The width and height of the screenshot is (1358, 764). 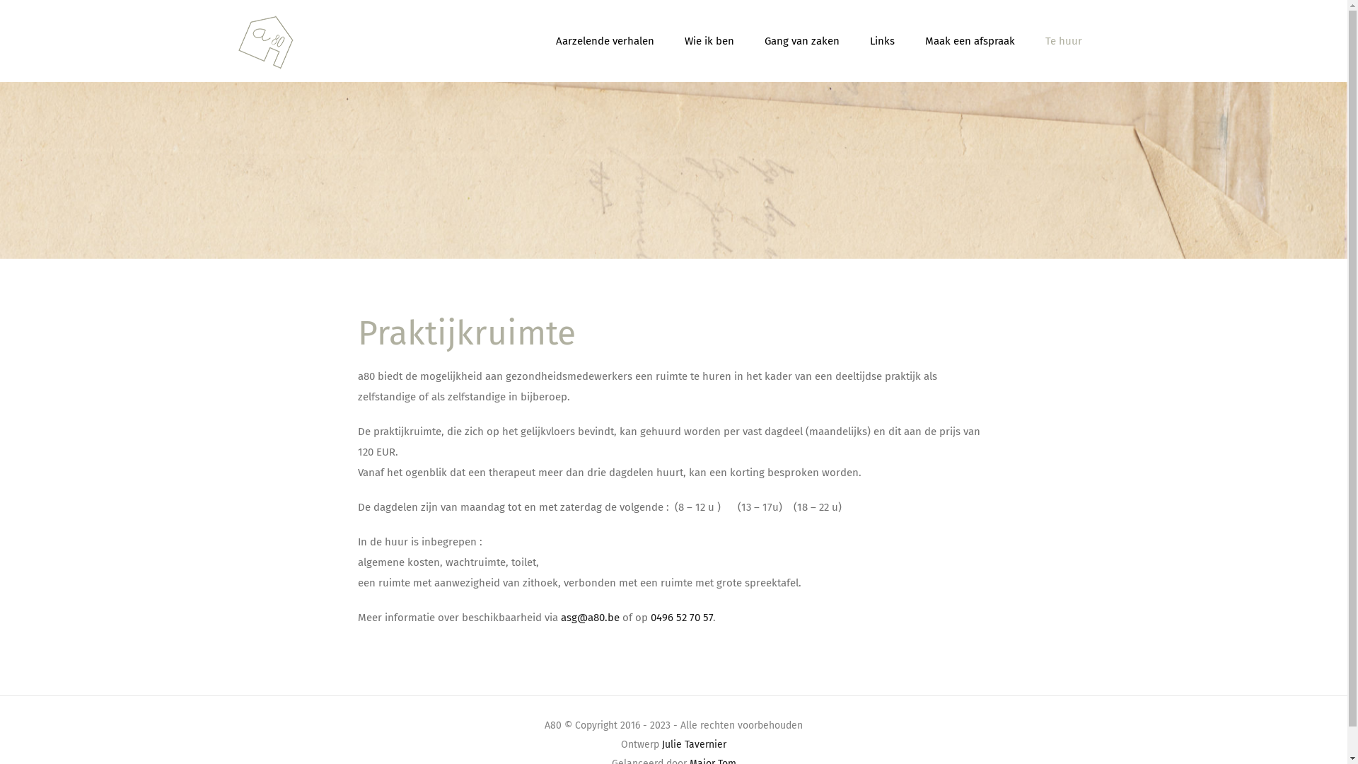 I want to click on 'Aarzelende verhalen', so click(x=555, y=40).